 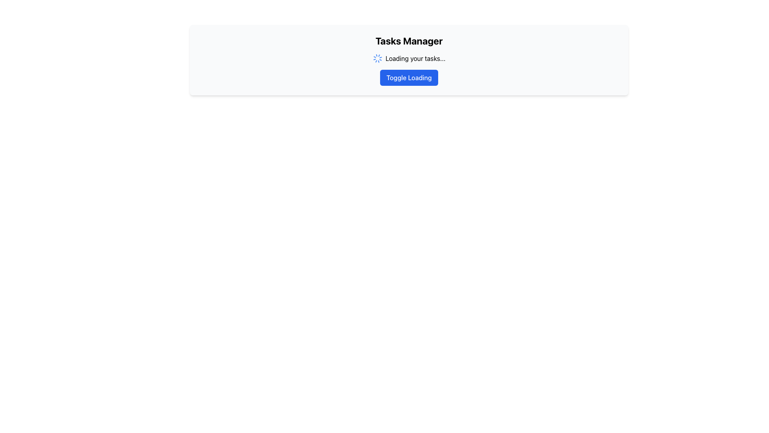 I want to click on the toggle button located below the 'Loading your tasks...' text and an animated icon, aligned centrally under 'Tasks Manager', so click(x=409, y=77).